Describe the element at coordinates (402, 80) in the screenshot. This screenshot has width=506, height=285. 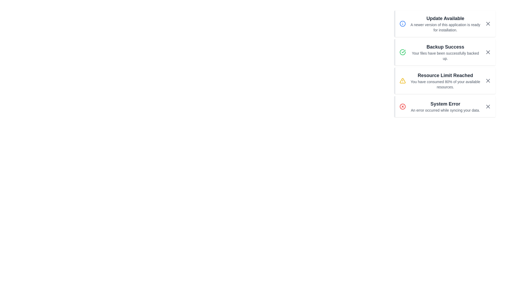
I see `the warning icon located in the 'Resource Limit Reached' section of the notification interface, positioned to the left of the title text and above the subtitle text` at that location.